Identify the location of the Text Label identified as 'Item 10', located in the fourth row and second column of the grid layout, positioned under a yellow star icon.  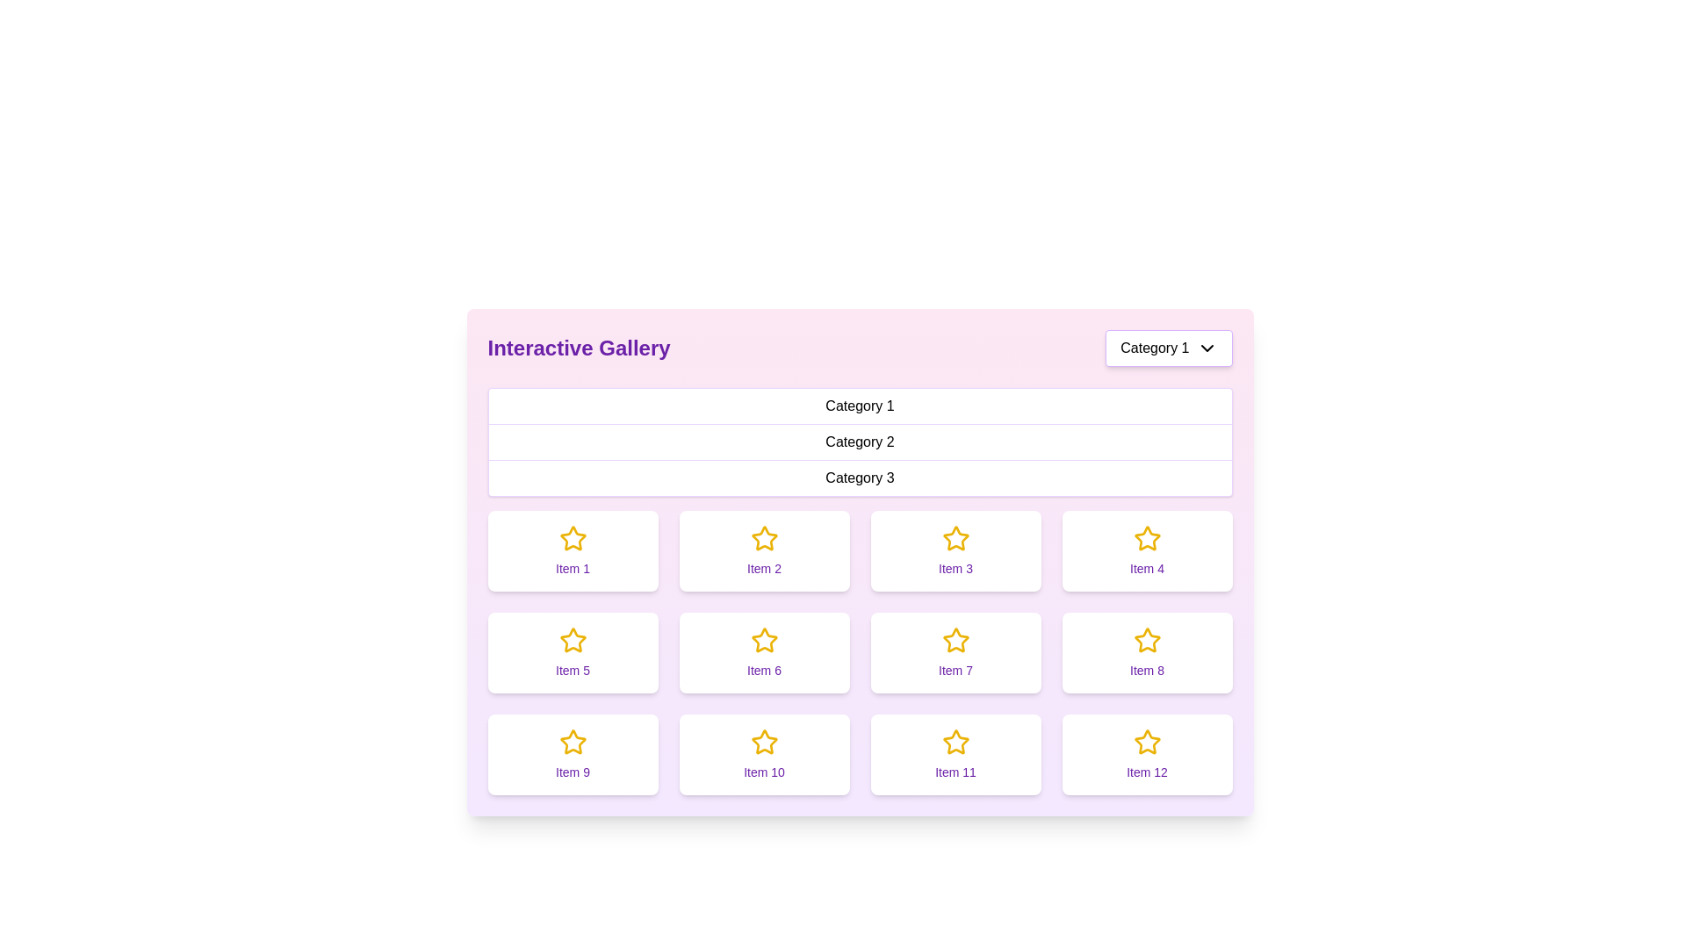
(764, 771).